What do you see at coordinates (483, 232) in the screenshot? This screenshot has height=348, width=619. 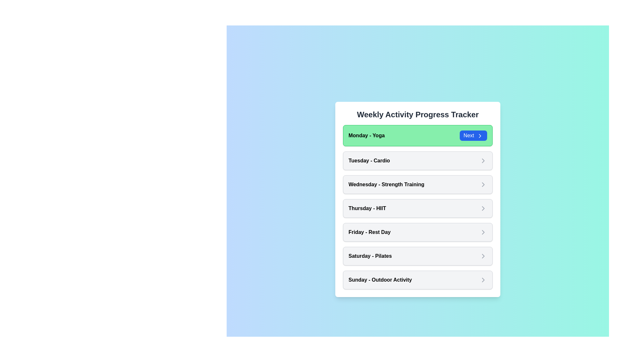 I see `the right-facing chevron icon within the 'Next' button` at bounding box center [483, 232].